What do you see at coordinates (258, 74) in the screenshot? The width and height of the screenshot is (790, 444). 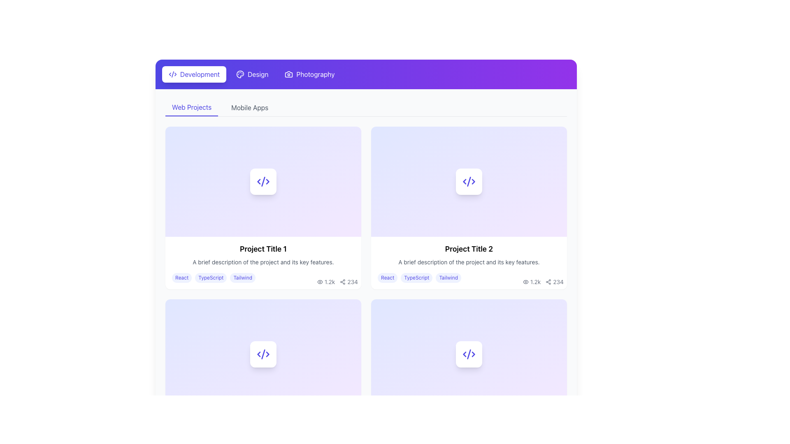 I see `the navigation link labeled 'Design' located to the right of the 'Development' label and left of the 'Photography' icon` at bounding box center [258, 74].